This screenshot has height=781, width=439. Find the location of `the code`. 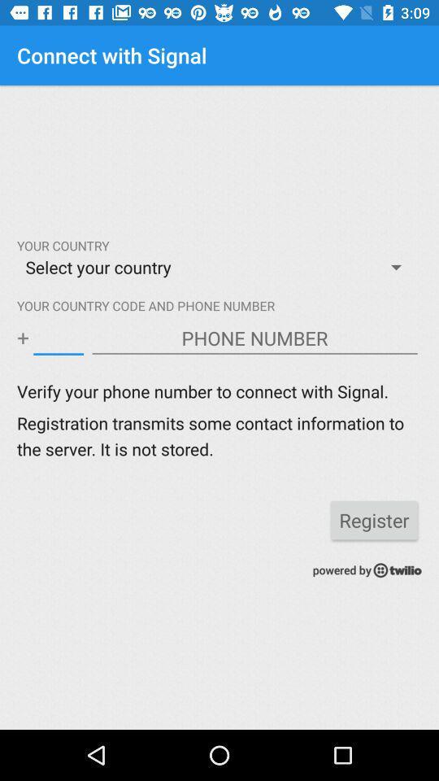

the code is located at coordinates (58, 338).